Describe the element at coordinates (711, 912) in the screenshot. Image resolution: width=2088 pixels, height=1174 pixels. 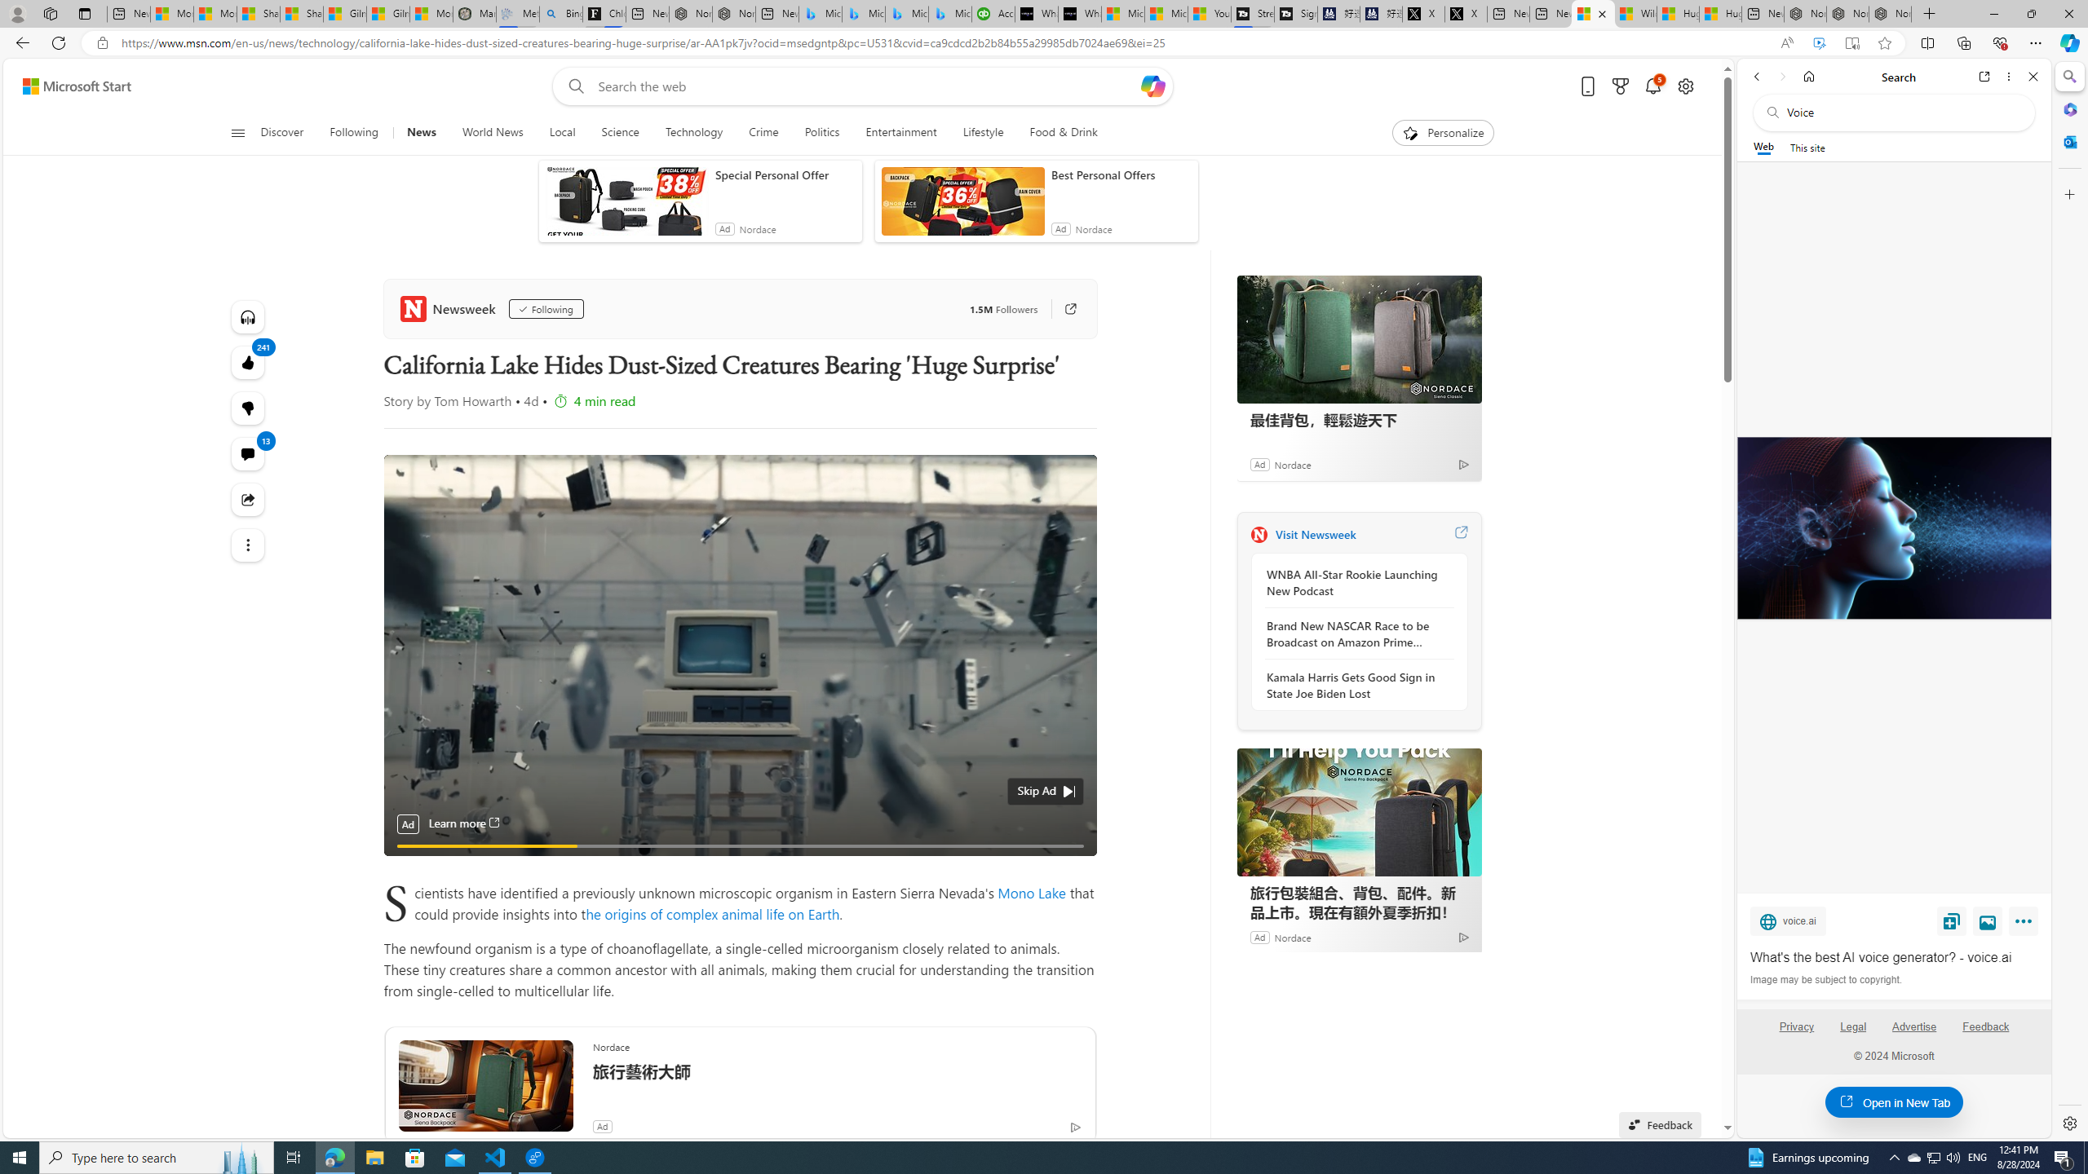
I see `'he origins of complex animal life on Earth'` at that location.